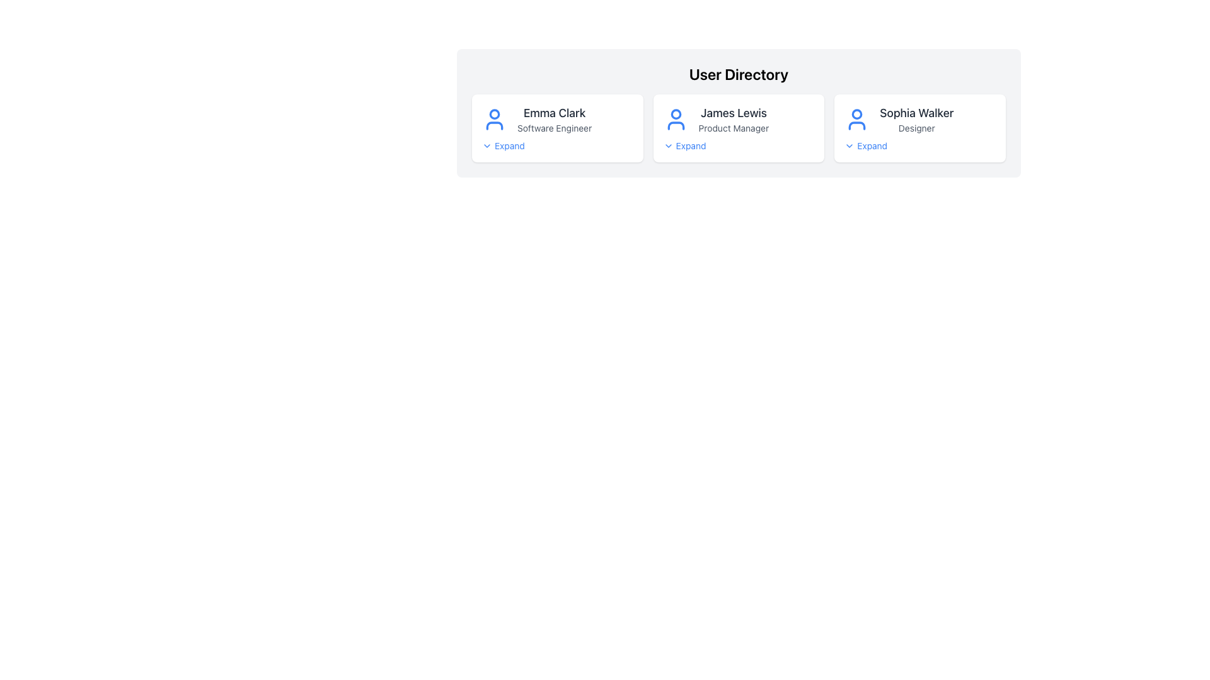 The height and width of the screenshot is (680, 1210). Describe the element at coordinates (494, 119) in the screenshot. I see `the Profile Icon representing Emma Clark, Software Engineer` at that location.